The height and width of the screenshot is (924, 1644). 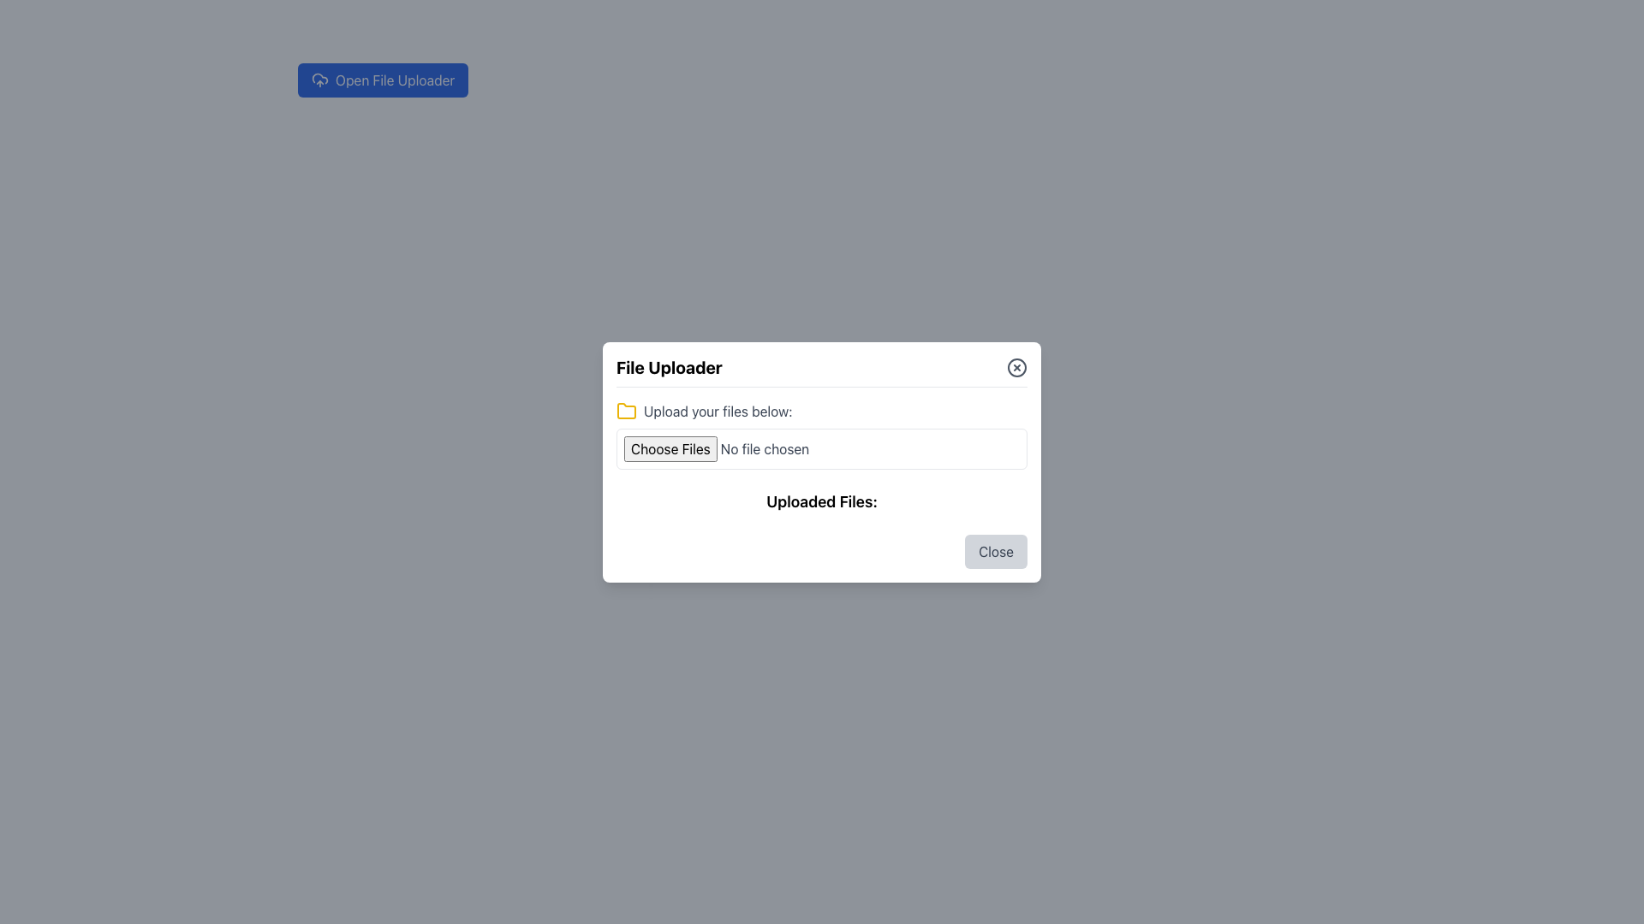 I want to click on the button located prominently at the top of its section for keyboard navigation, so click(x=382, y=80).